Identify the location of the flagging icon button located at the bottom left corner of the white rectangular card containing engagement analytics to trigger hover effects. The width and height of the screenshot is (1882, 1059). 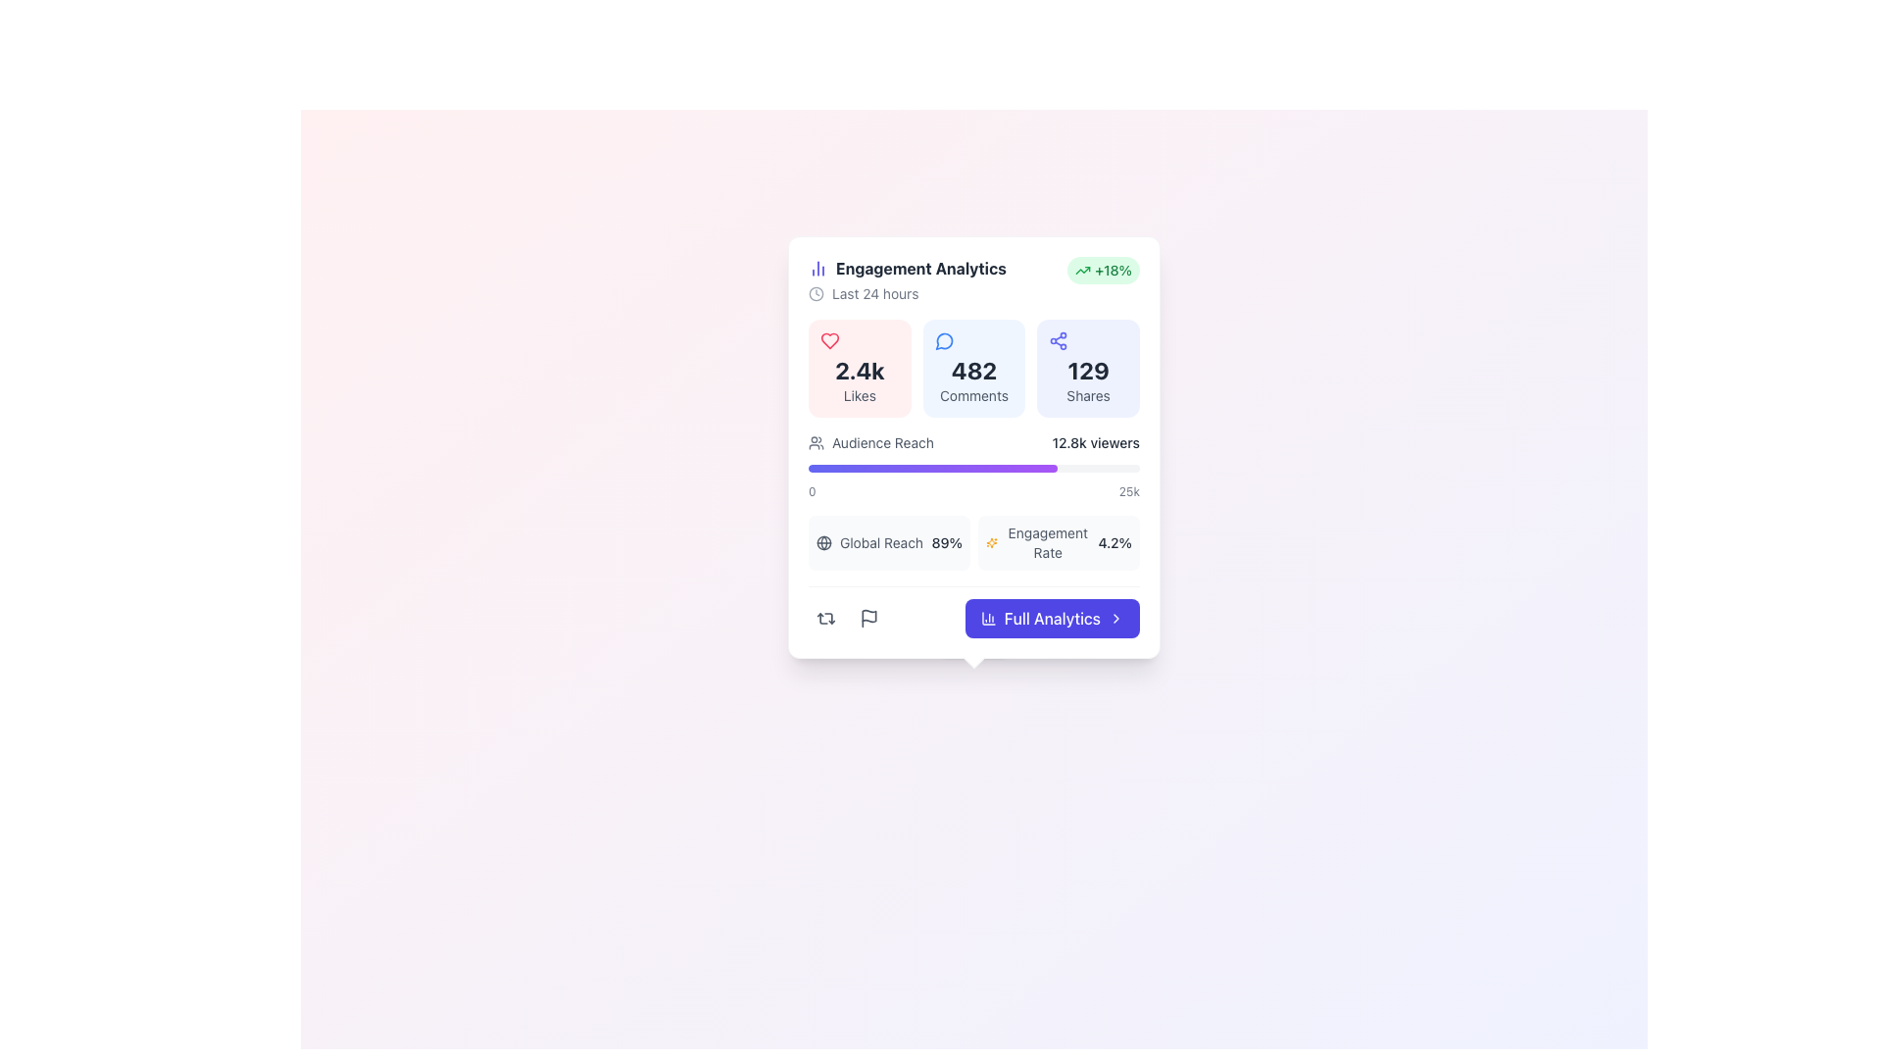
(868, 619).